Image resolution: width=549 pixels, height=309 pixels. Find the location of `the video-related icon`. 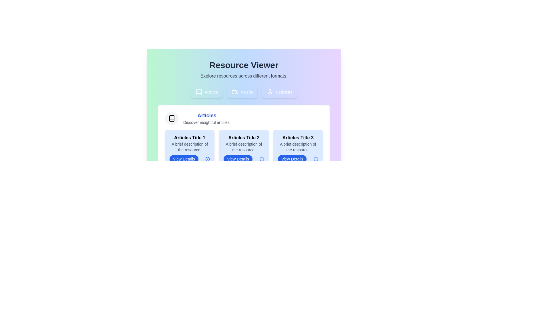

the video-related icon is located at coordinates (234, 92).